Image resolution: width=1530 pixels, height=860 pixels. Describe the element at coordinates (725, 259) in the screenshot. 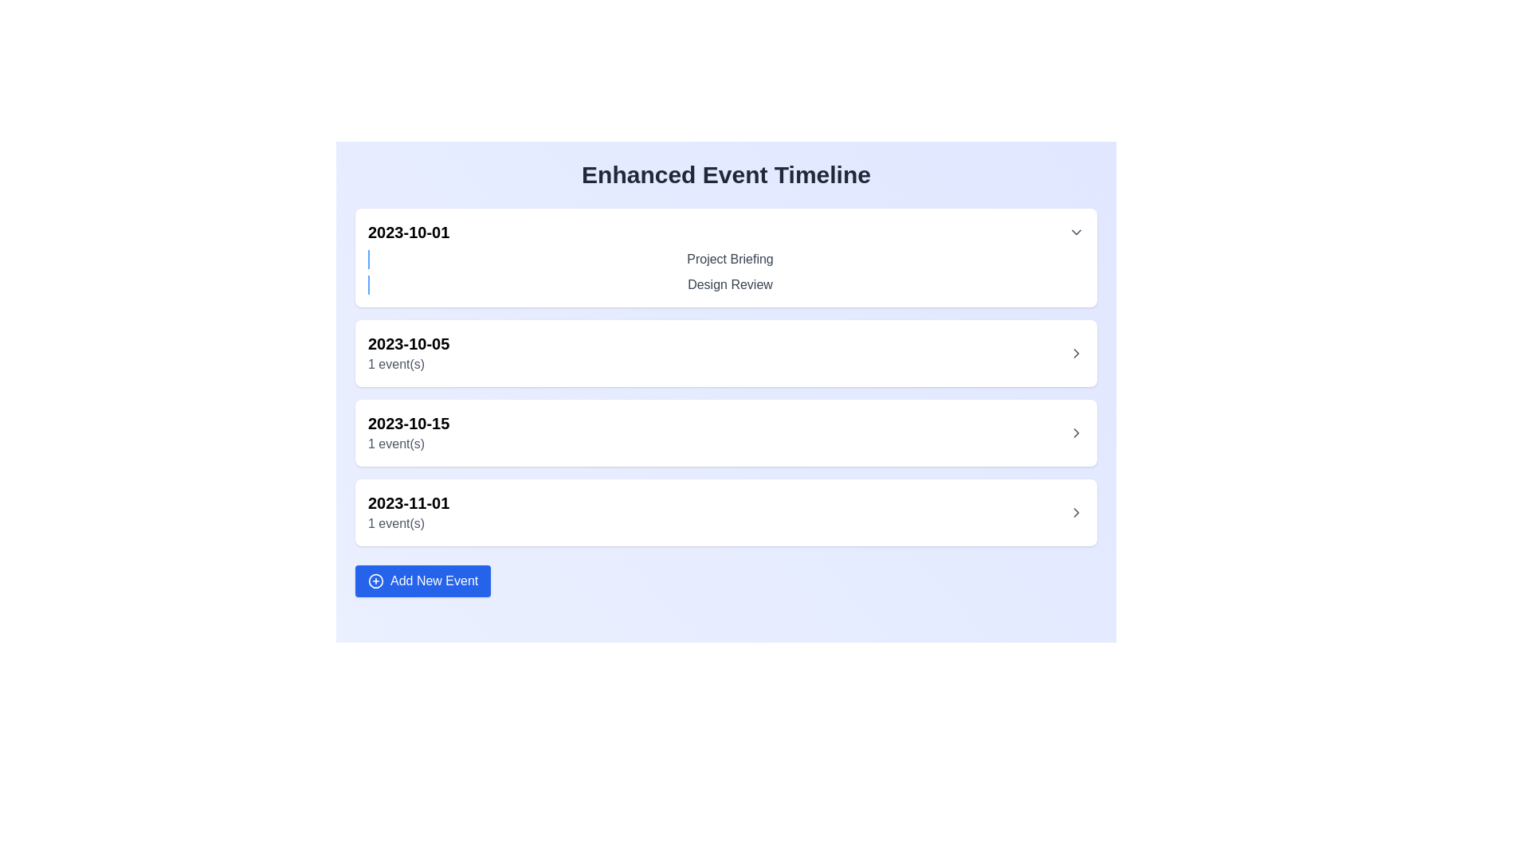

I see `text content of the Text Label that describes the event or item in the timeline under the header '2023-10-01'` at that location.